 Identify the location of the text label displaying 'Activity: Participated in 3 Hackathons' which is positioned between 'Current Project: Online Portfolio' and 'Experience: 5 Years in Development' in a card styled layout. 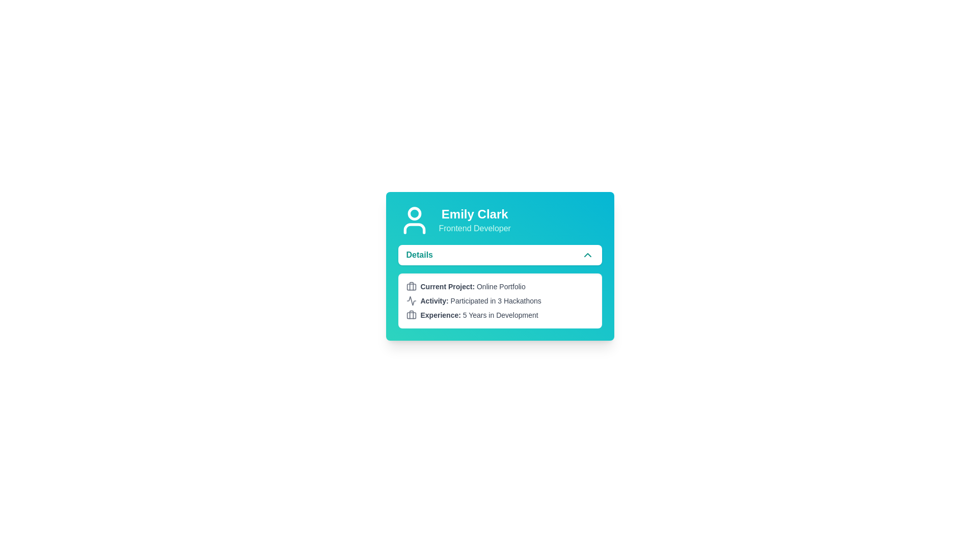
(480, 300).